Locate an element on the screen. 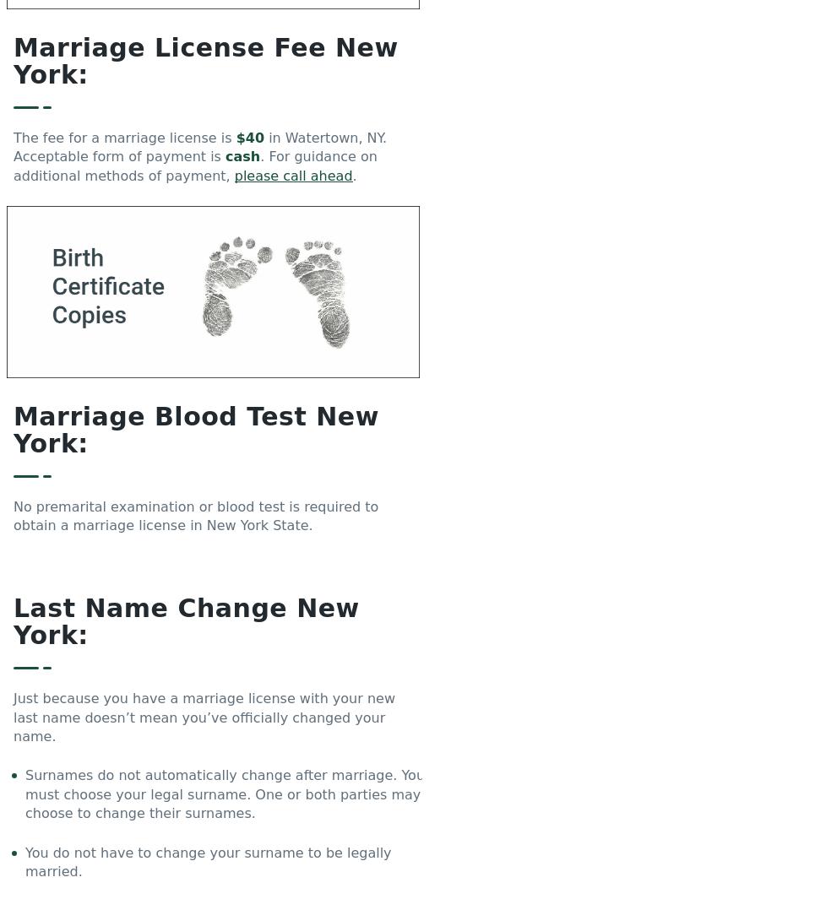 This screenshot has width=826, height=899. 'Last Name Change New York:' is located at coordinates (14, 621).